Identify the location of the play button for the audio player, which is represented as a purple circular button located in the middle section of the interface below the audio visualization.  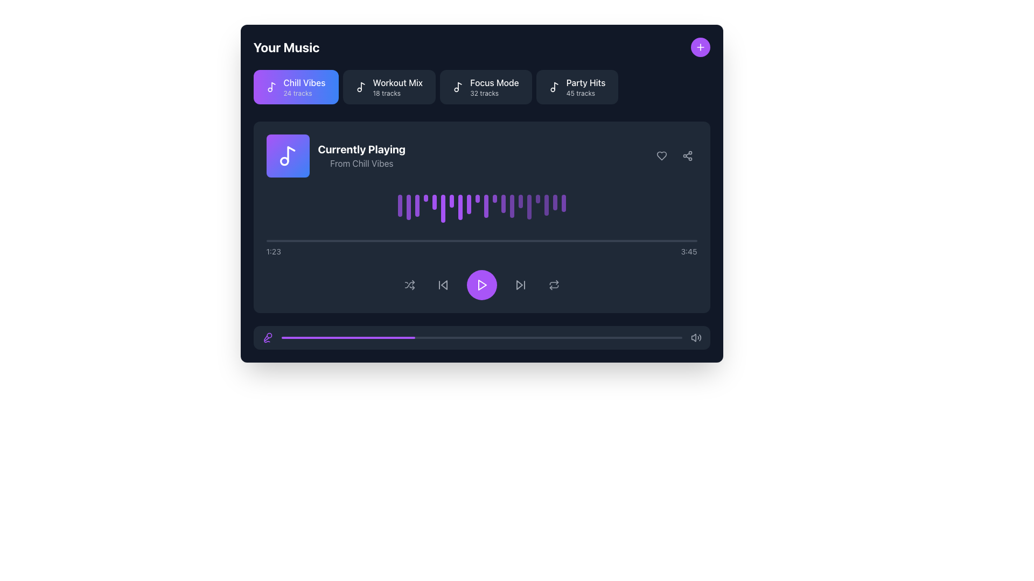
(481, 285).